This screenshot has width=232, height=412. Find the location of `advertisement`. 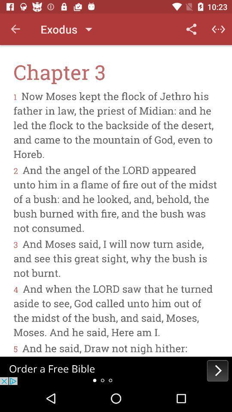

advertisement is located at coordinates (116, 370).